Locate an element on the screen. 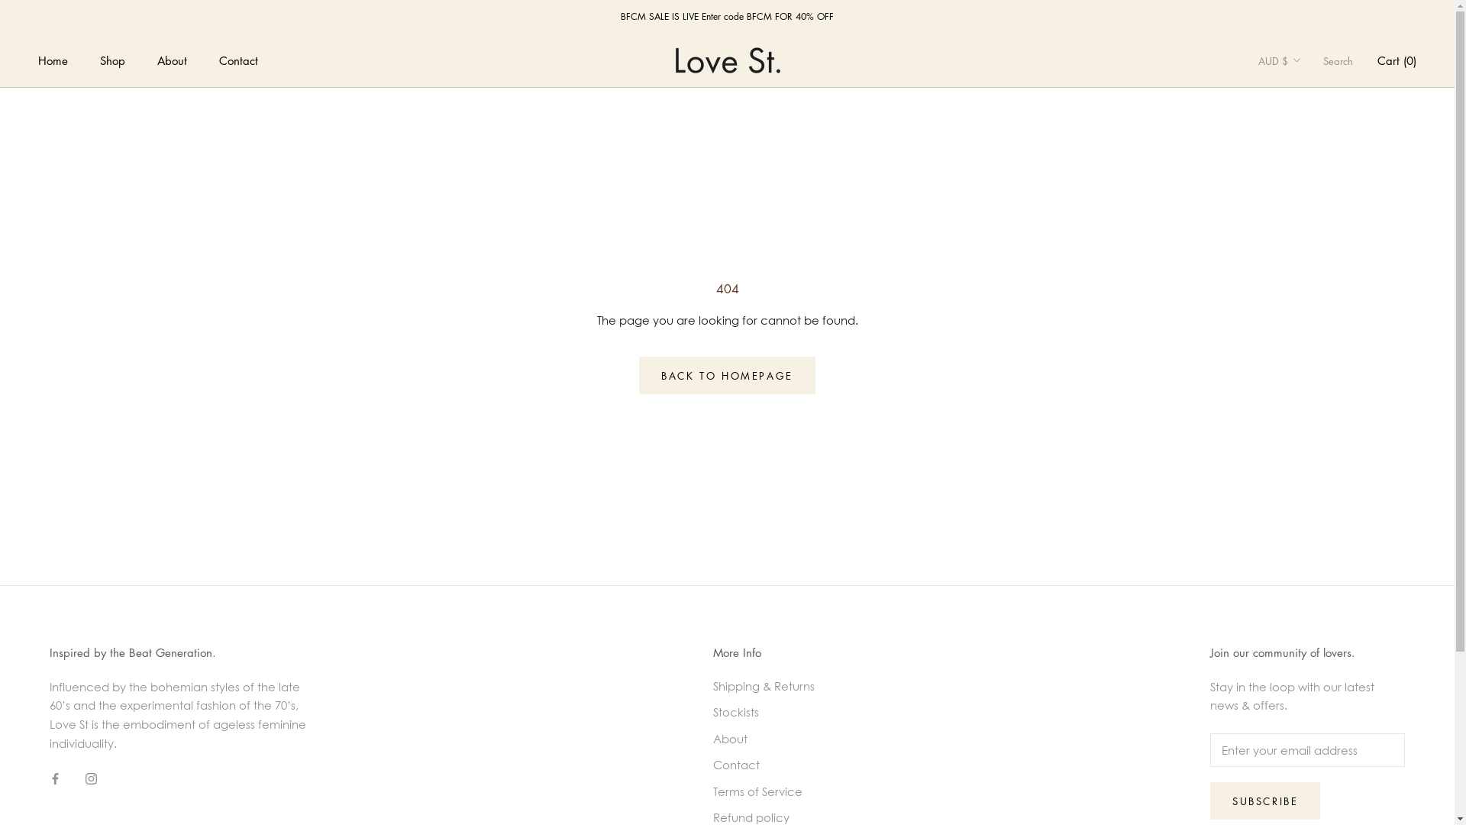 This screenshot has width=1466, height=825. 'About' is located at coordinates (712, 738).